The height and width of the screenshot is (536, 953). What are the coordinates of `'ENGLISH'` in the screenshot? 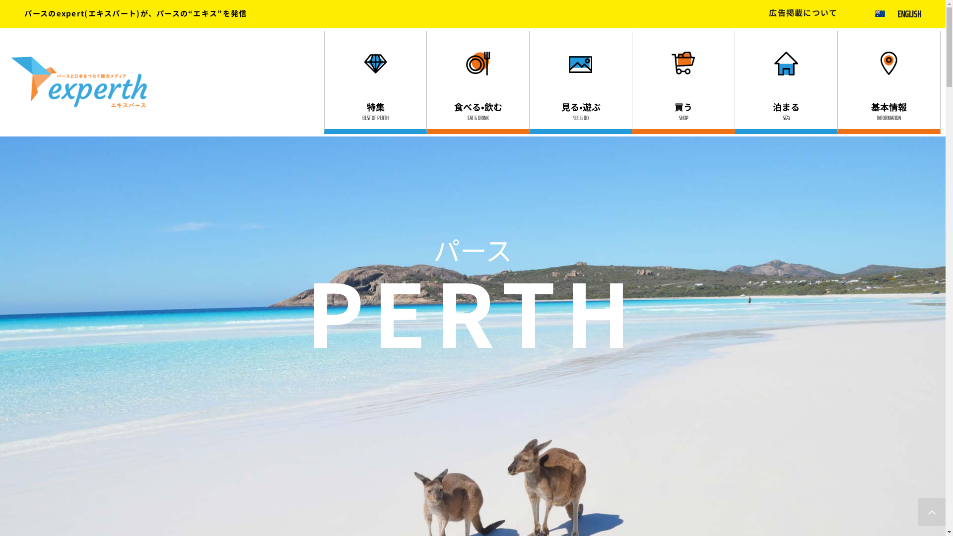 It's located at (909, 13).